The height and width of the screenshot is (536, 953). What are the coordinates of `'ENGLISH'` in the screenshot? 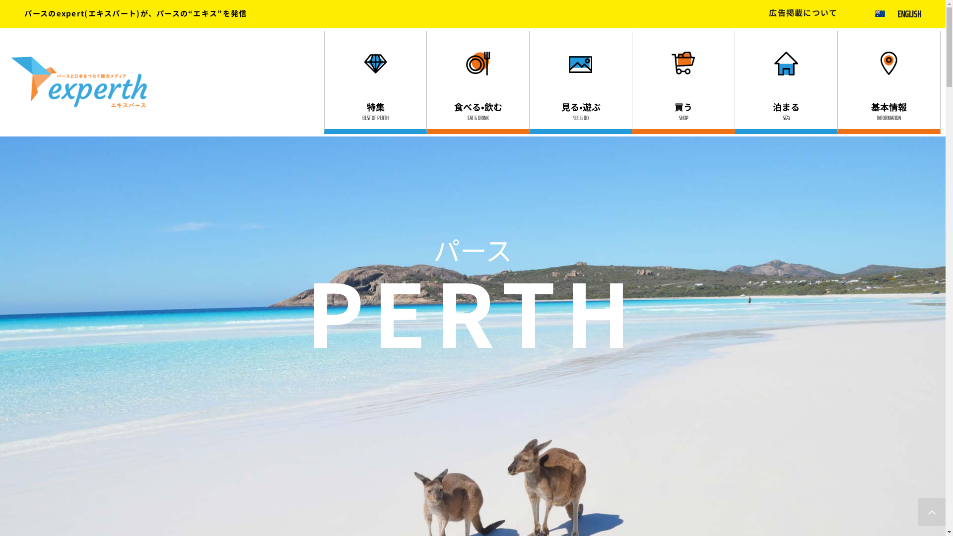 It's located at (909, 13).